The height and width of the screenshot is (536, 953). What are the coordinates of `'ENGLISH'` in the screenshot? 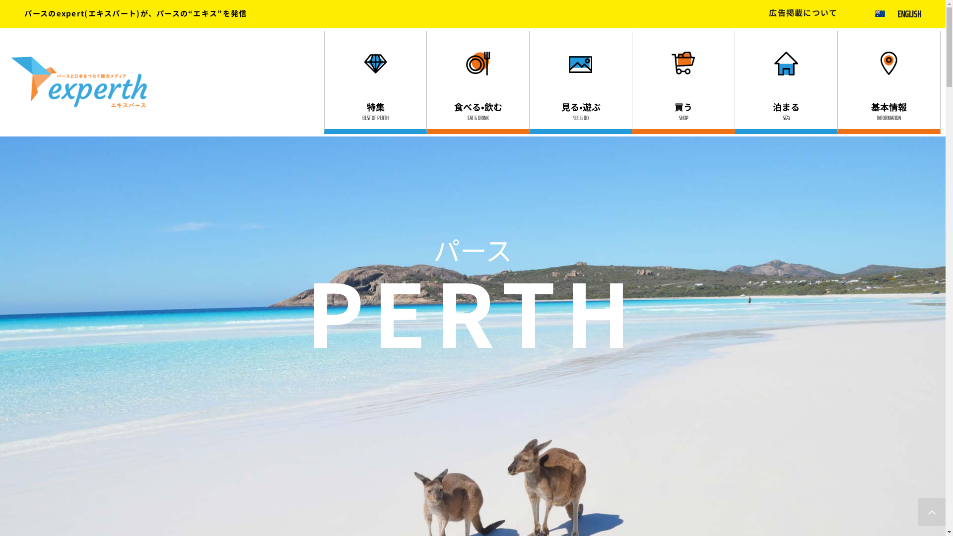 It's located at (909, 13).